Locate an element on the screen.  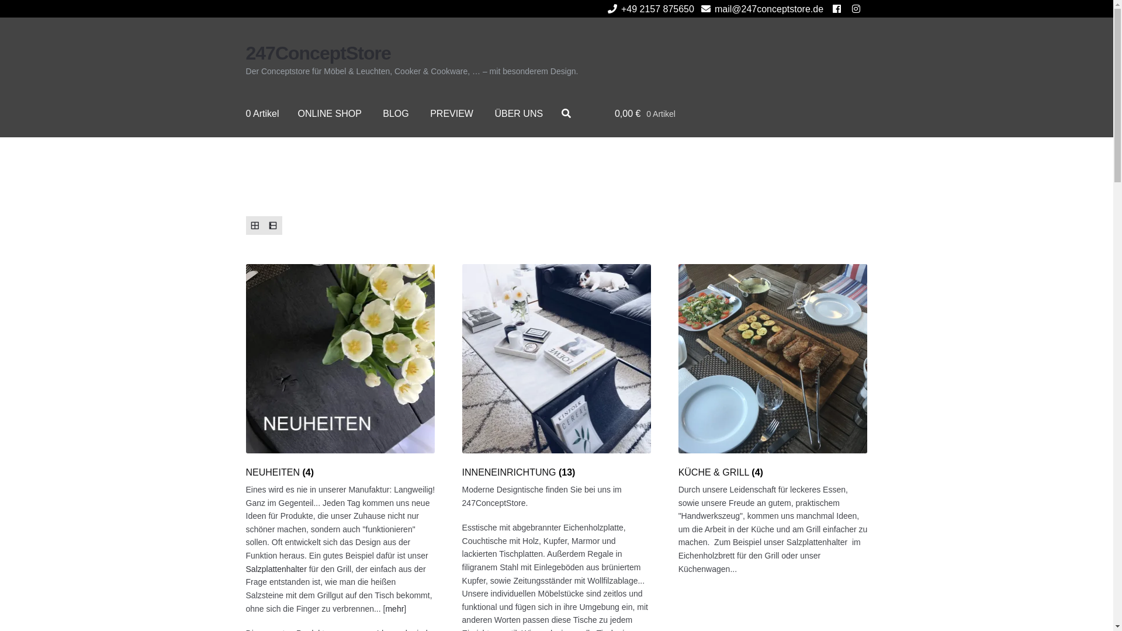
'mehr' is located at coordinates (394, 608).